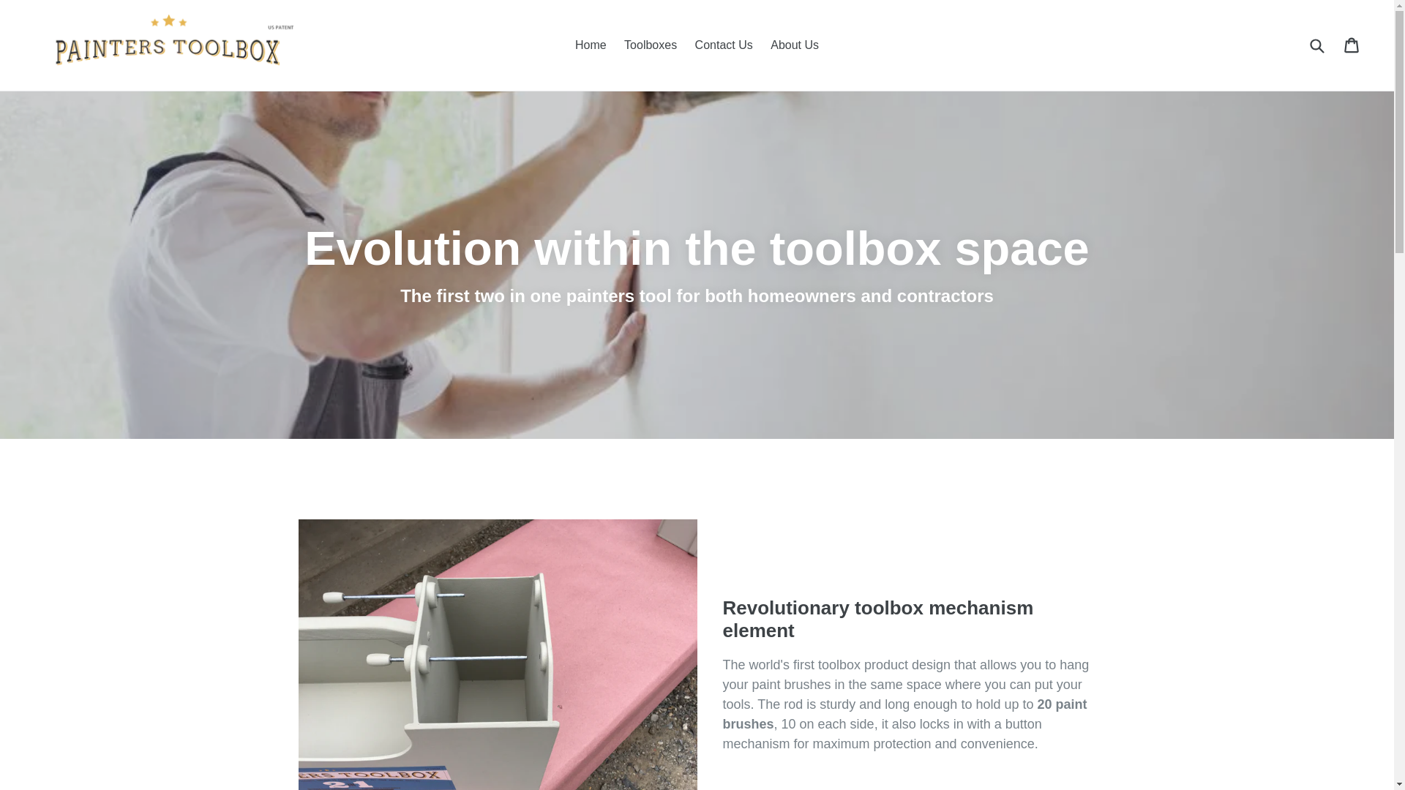 The image size is (1405, 790). I want to click on 'Cart, so click(1352, 44).